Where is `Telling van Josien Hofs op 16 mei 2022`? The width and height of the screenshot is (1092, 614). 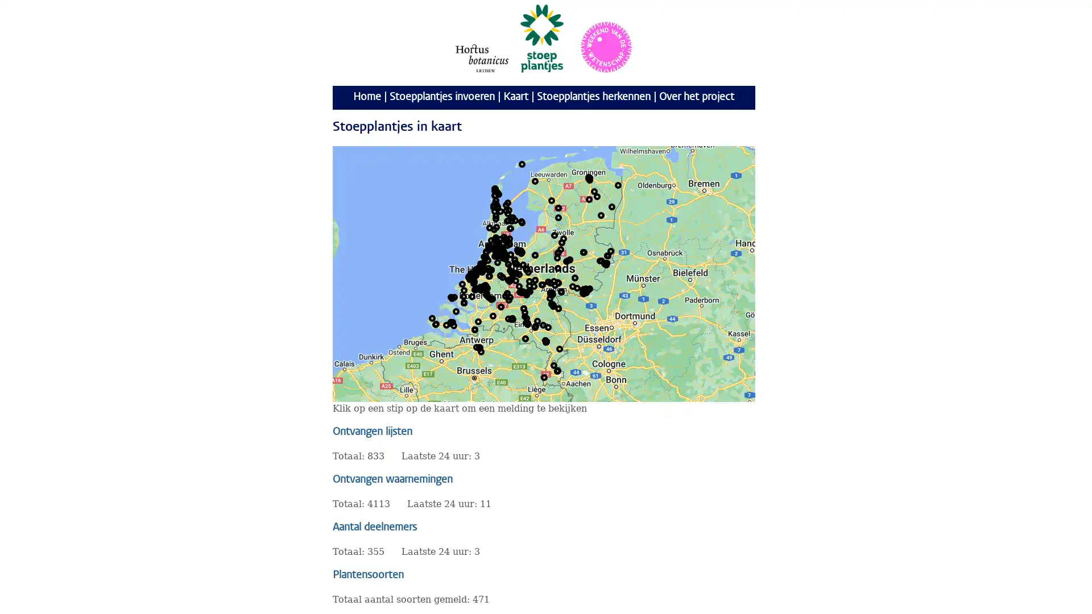
Telling van Josien Hofs op 16 mei 2022 is located at coordinates (483, 284).